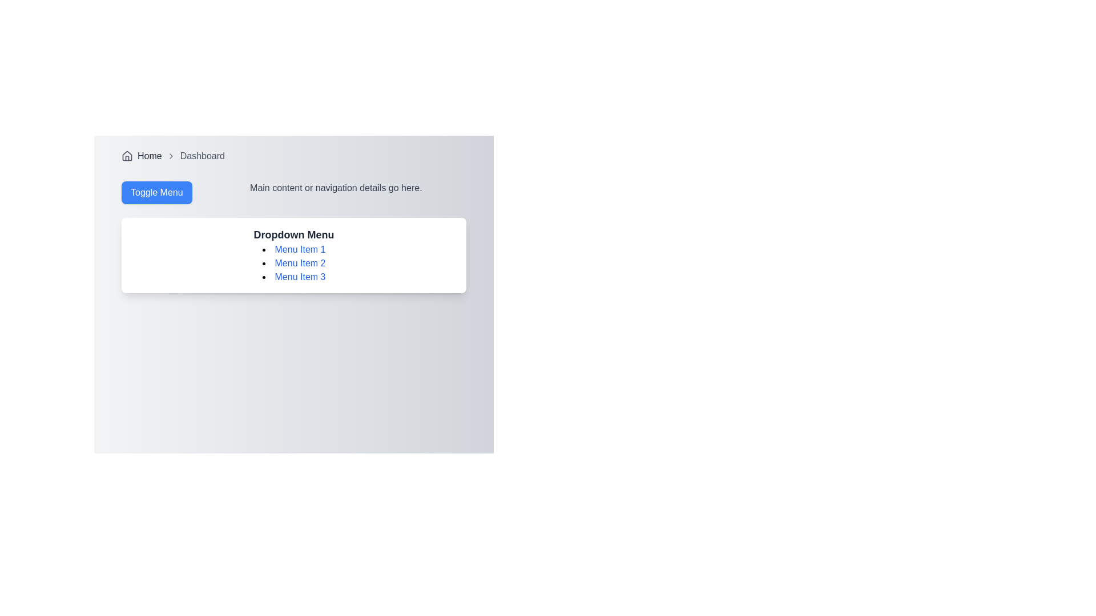 The image size is (1096, 616). Describe the element at coordinates (293, 264) in the screenshot. I see `the 'Menu Item 2' text link within the dropdown menu` at that location.